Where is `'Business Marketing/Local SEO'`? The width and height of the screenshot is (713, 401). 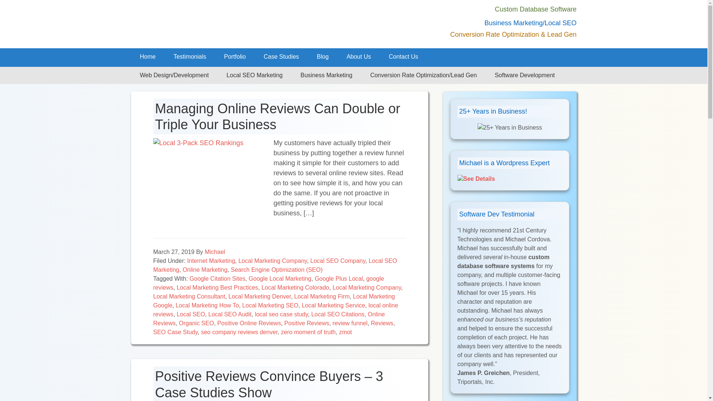 'Business Marketing/Local SEO' is located at coordinates (530, 22).